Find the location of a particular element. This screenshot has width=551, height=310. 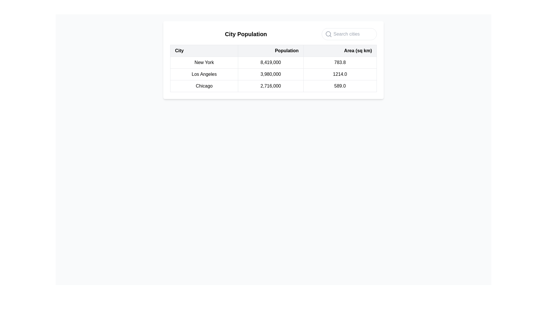

the search icon located on the left side of the search bar, which visually indicates the search functionality for the input field is located at coordinates (329, 34).